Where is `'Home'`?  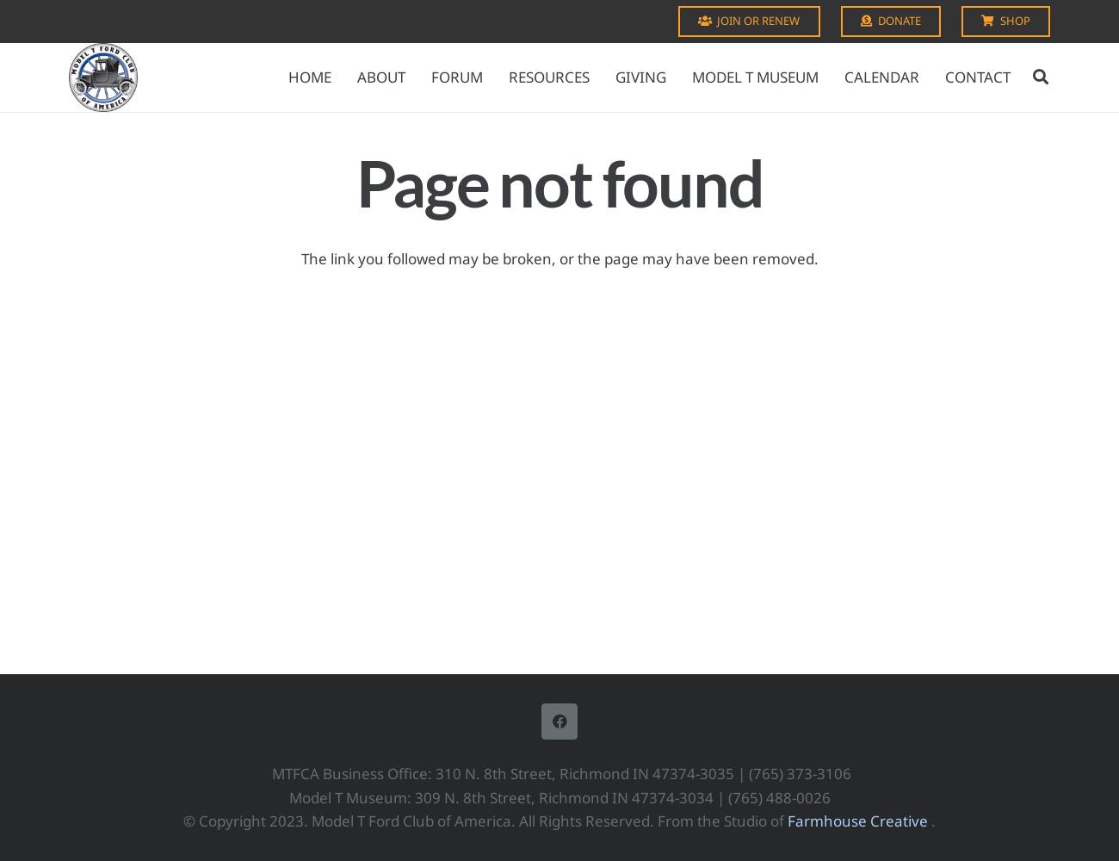
'Home' is located at coordinates (308, 76).